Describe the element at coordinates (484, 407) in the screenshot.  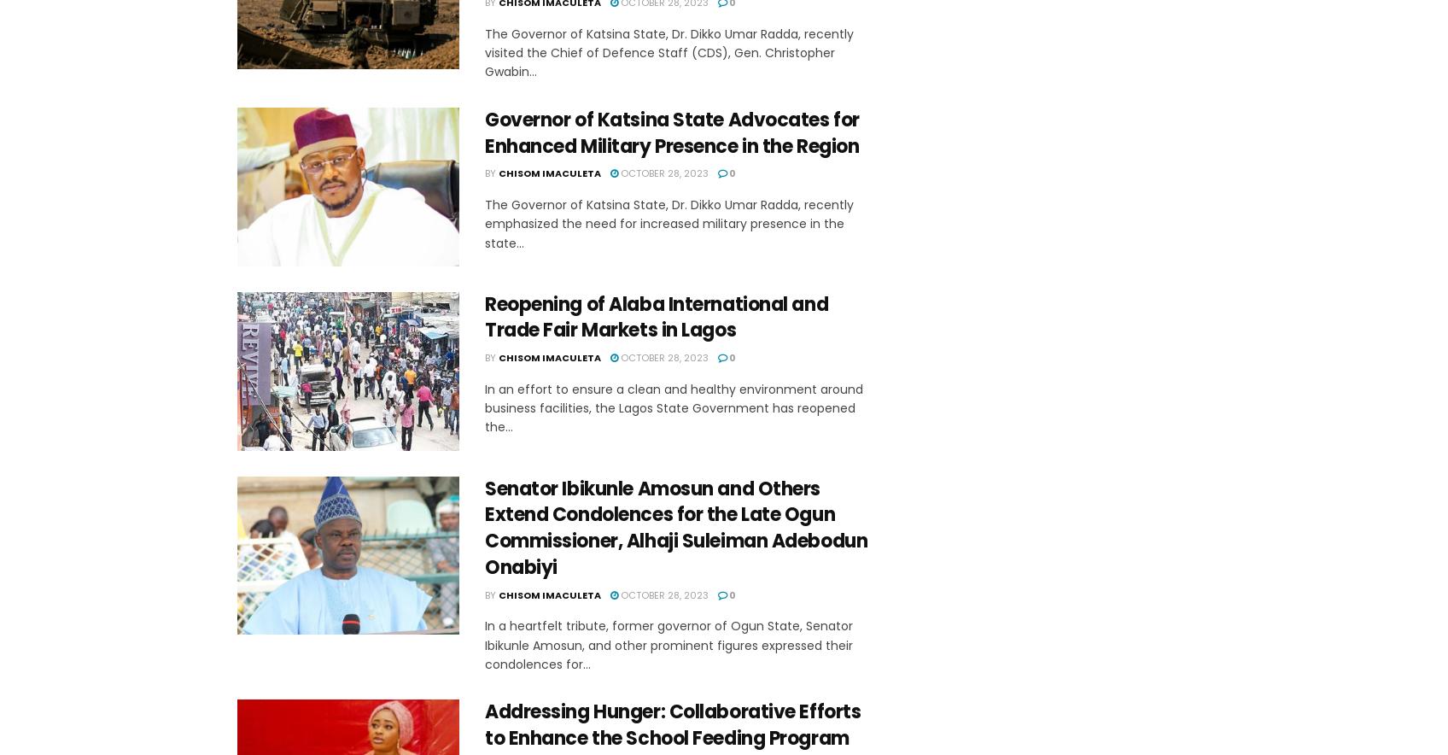
I see `'In an effort to ensure a clean and healthy environment around business facilities, the Lagos State Government has reopened the...'` at that location.